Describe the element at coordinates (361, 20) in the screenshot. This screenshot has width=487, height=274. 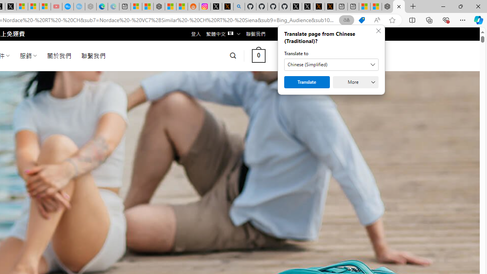
I see `'This site has coupons! Shopping in Microsoft Edge'` at that location.